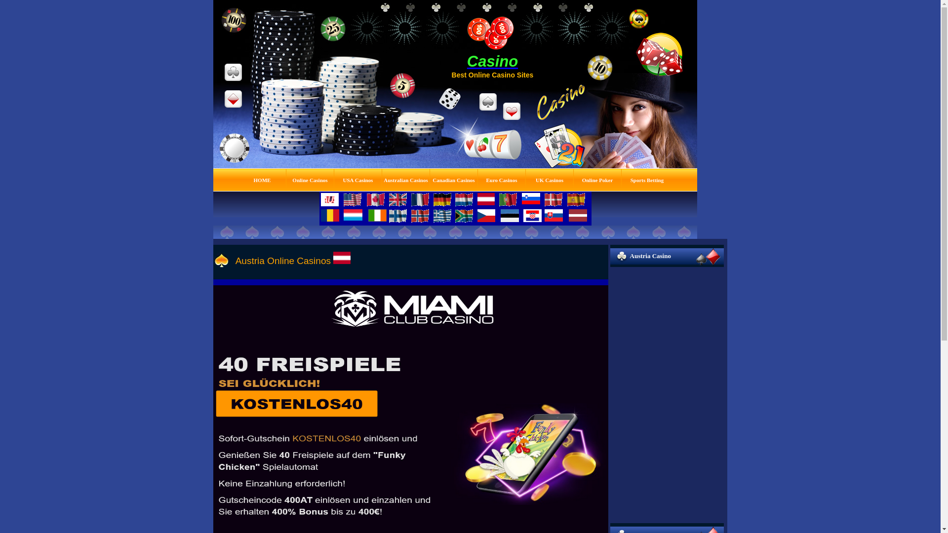  I want to click on 'HOME', so click(262, 179).